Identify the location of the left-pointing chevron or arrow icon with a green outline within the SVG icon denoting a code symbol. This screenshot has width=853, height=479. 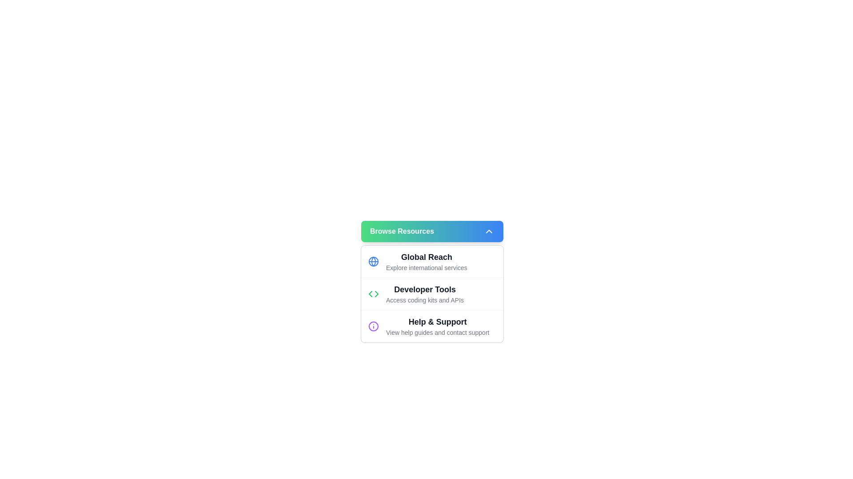
(371, 294).